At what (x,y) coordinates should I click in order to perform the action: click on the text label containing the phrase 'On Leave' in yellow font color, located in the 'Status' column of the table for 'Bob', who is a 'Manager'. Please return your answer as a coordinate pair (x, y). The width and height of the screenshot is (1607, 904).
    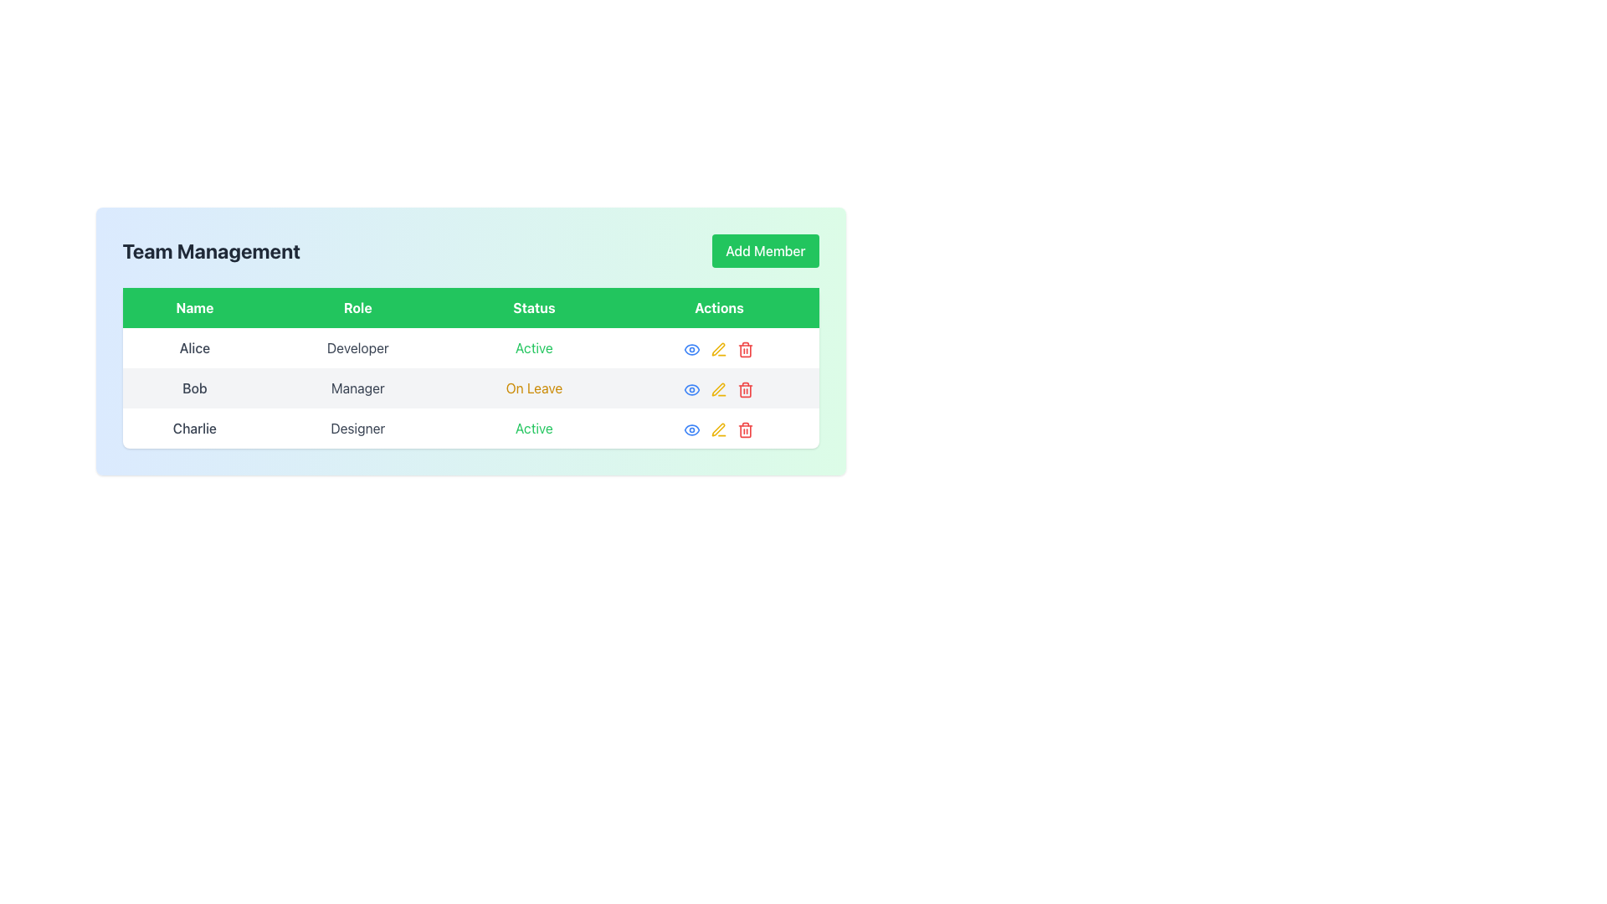
    Looking at the image, I should click on (533, 388).